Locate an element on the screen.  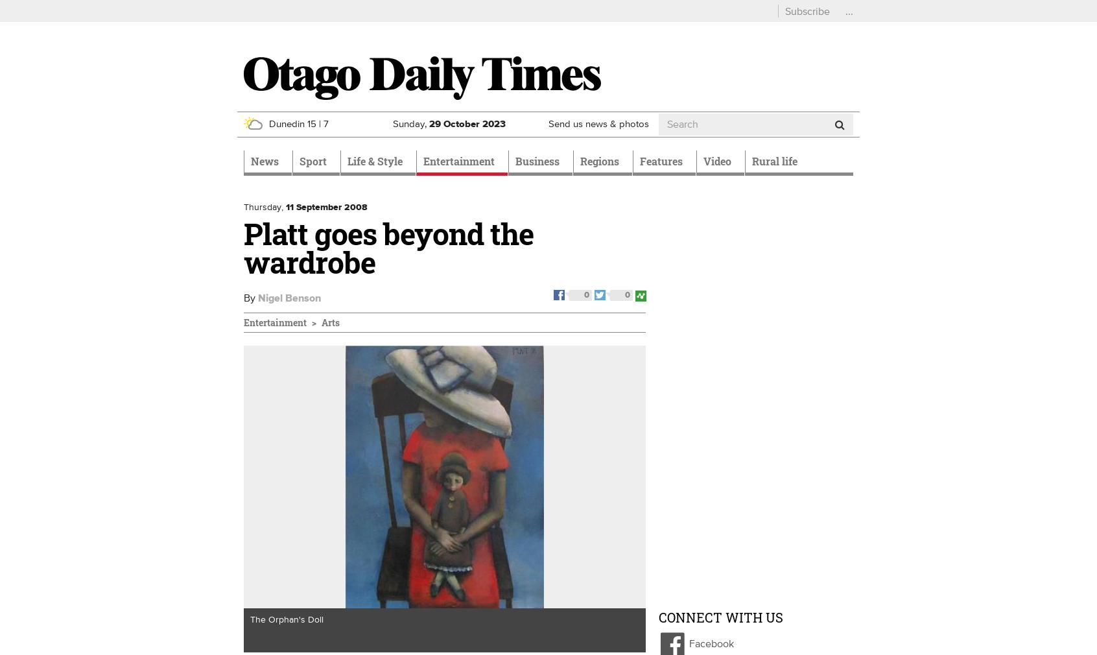
'October' is located at coordinates (460, 123).